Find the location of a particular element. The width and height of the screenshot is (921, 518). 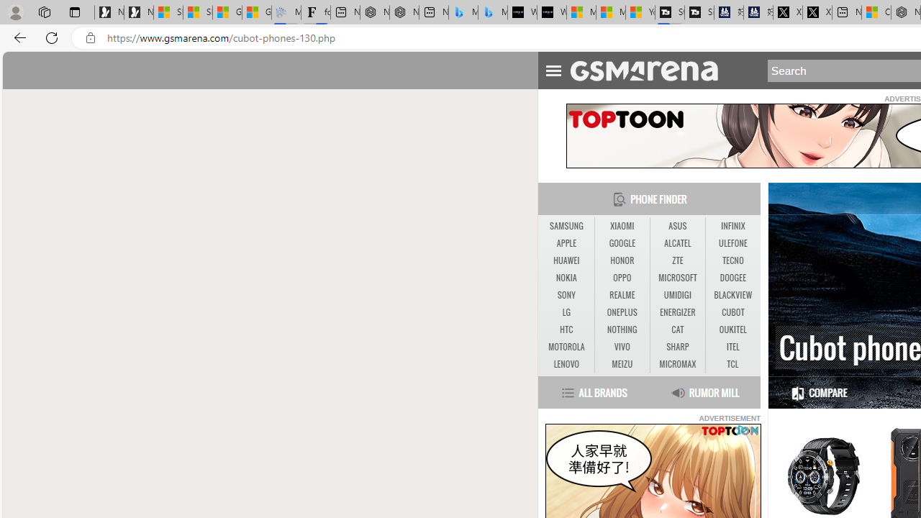

'OUKITEL' is located at coordinates (732, 330).